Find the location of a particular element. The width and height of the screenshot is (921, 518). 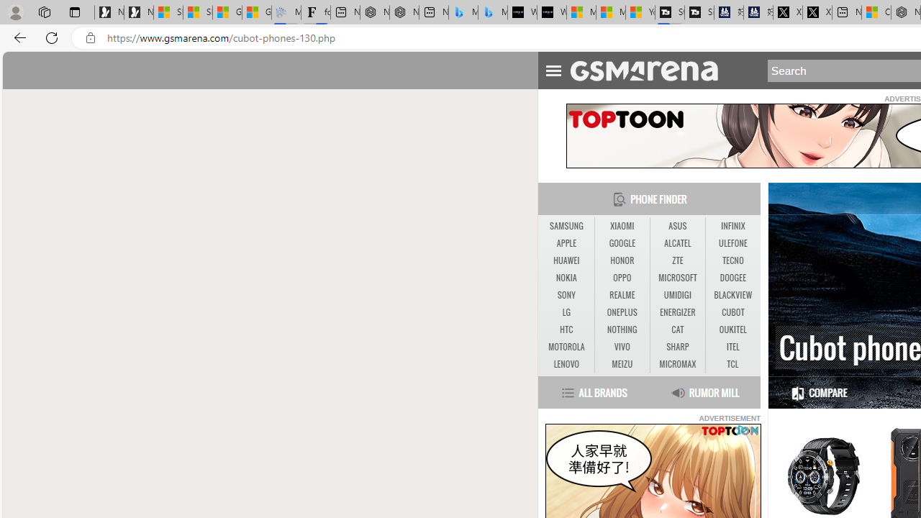

'OUKITEL' is located at coordinates (732, 330).